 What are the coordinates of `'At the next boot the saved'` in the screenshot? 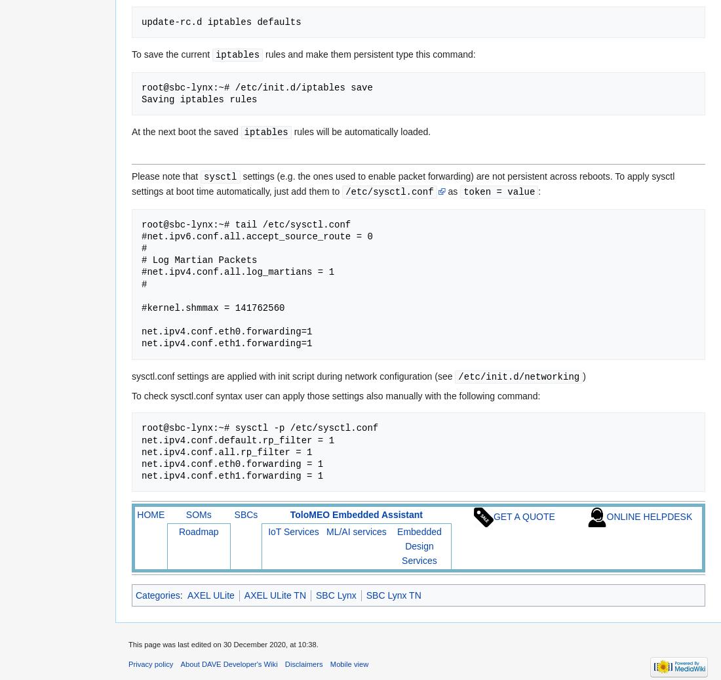 It's located at (185, 130).